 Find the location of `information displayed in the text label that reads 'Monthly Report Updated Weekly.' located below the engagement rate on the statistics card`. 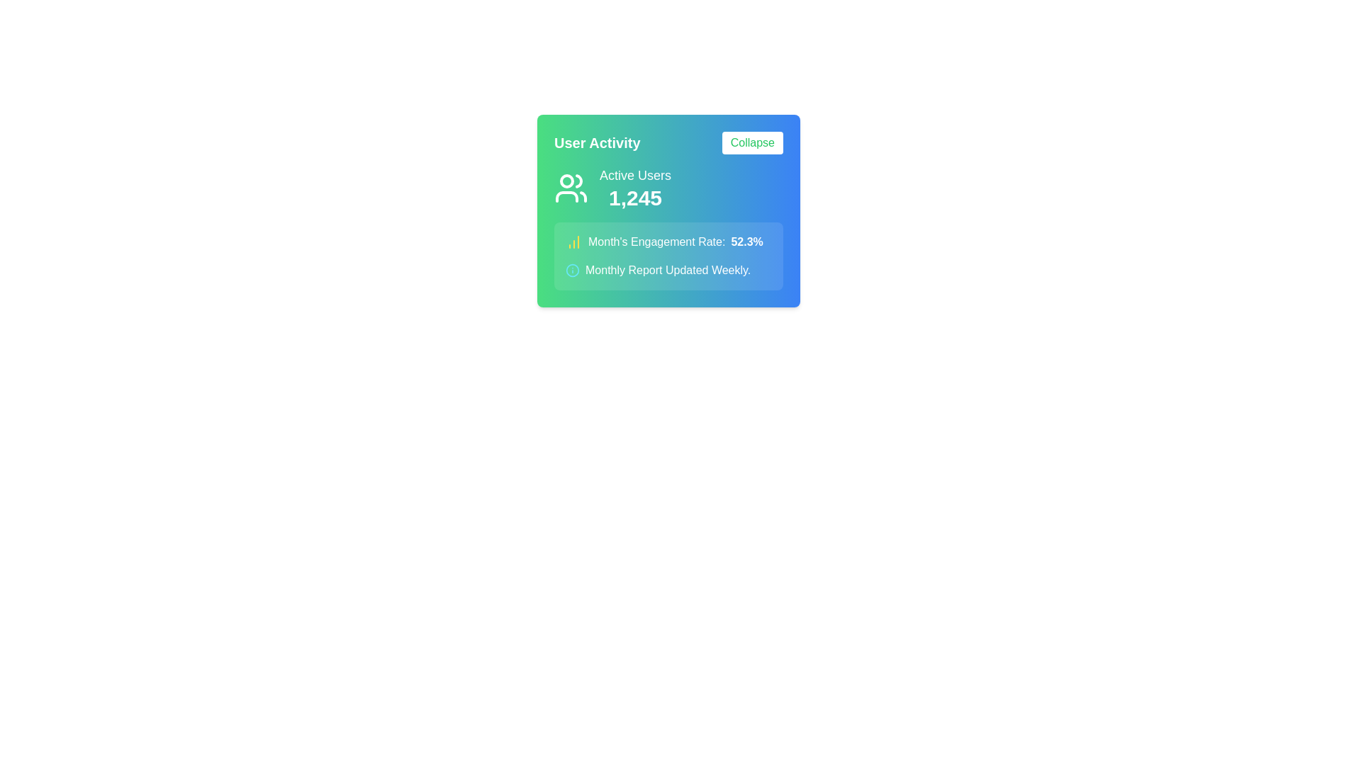

information displayed in the text label that reads 'Monthly Report Updated Weekly.' located below the engagement rate on the statistics card is located at coordinates (668, 270).